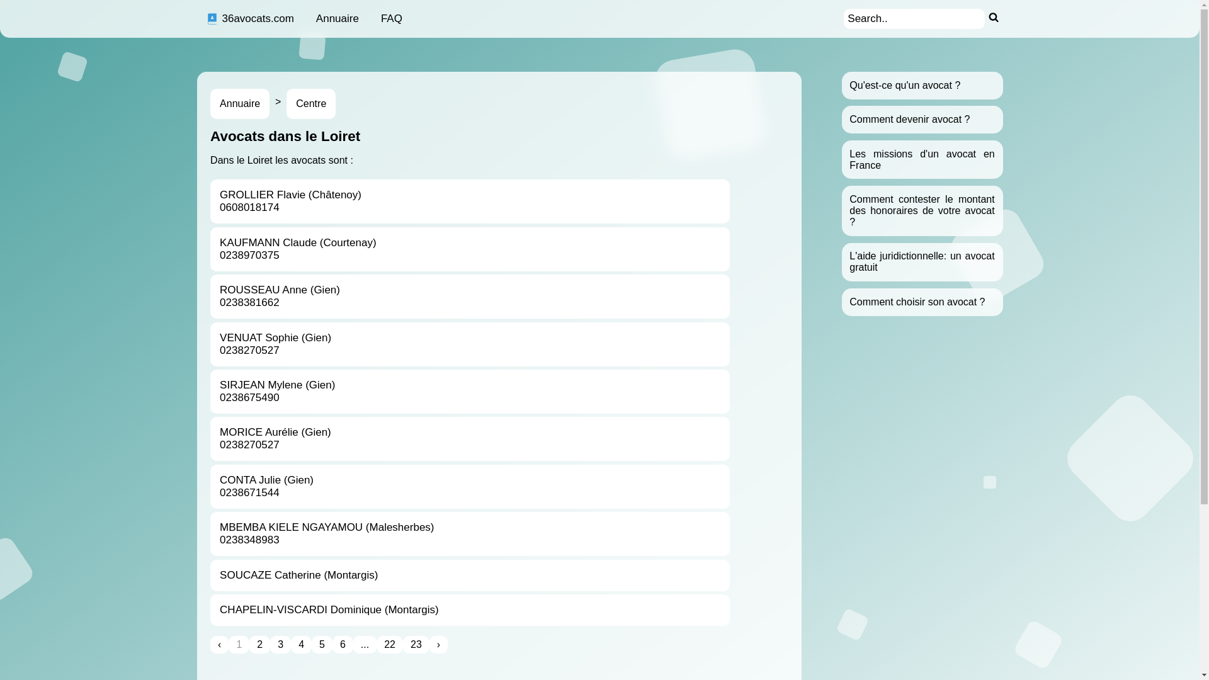  What do you see at coordinates (917, 302) in the screenshot?
I see `'Comment choisir son avocat ?'` at bounding box center [917, 302].